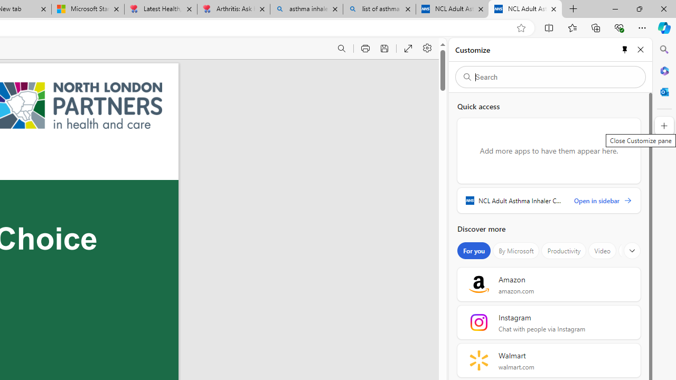 The height and width of the screenshot is (380, 676). Describe the element at coordinates (516, 251) in the screenshot. I see `'By Microsoft'` at that location.